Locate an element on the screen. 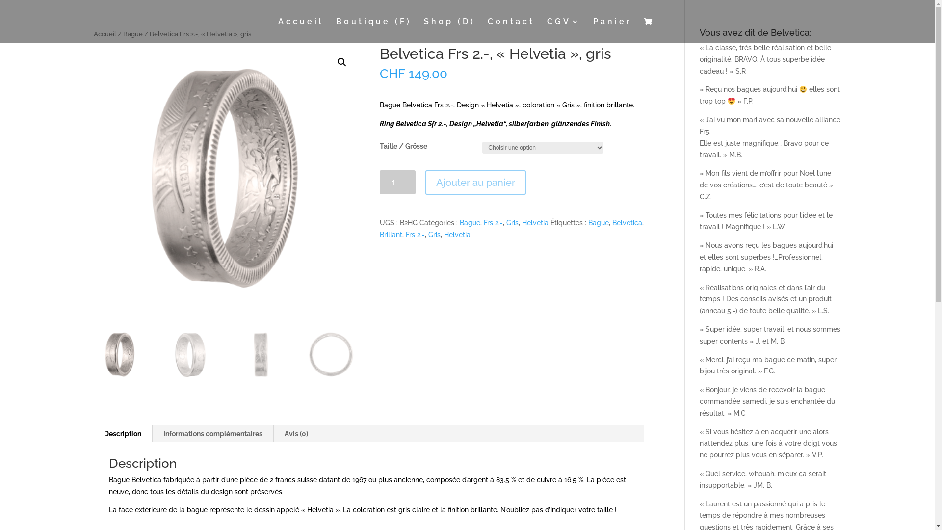 This screenshot has height=530, width=942. 'Contact' is located at coordinates (510, 29).